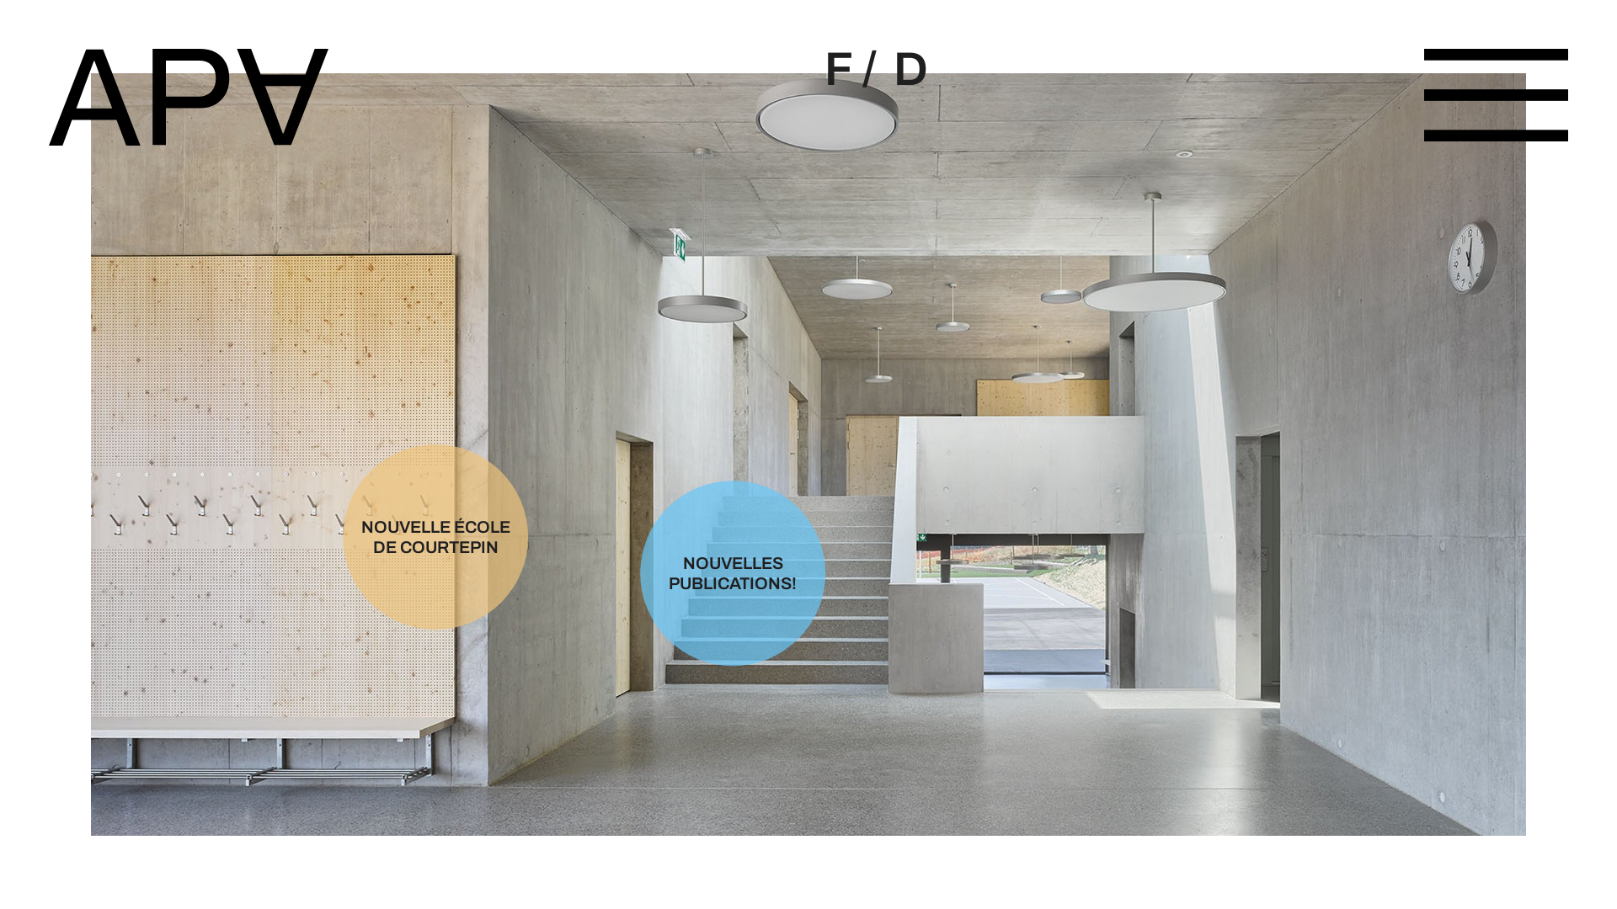  I want to click on 'F', so click(837, 69).